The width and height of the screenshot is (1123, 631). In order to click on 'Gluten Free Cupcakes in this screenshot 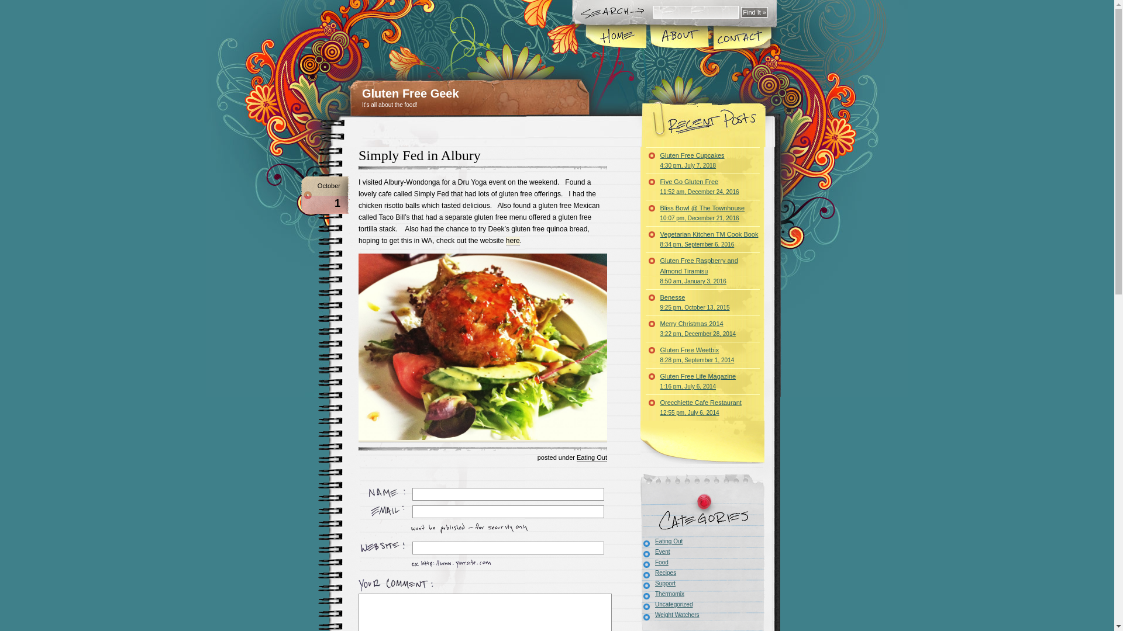, I will do `click(702, 160)`.